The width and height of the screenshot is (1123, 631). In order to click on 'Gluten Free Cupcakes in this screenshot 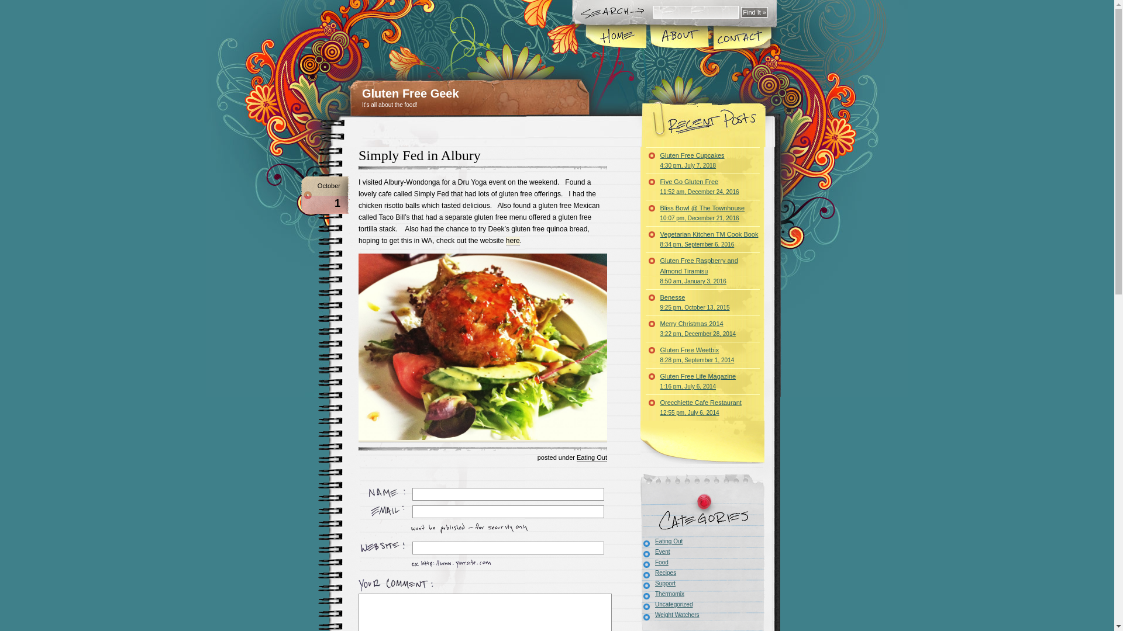, I will do `click(702, 160)`.